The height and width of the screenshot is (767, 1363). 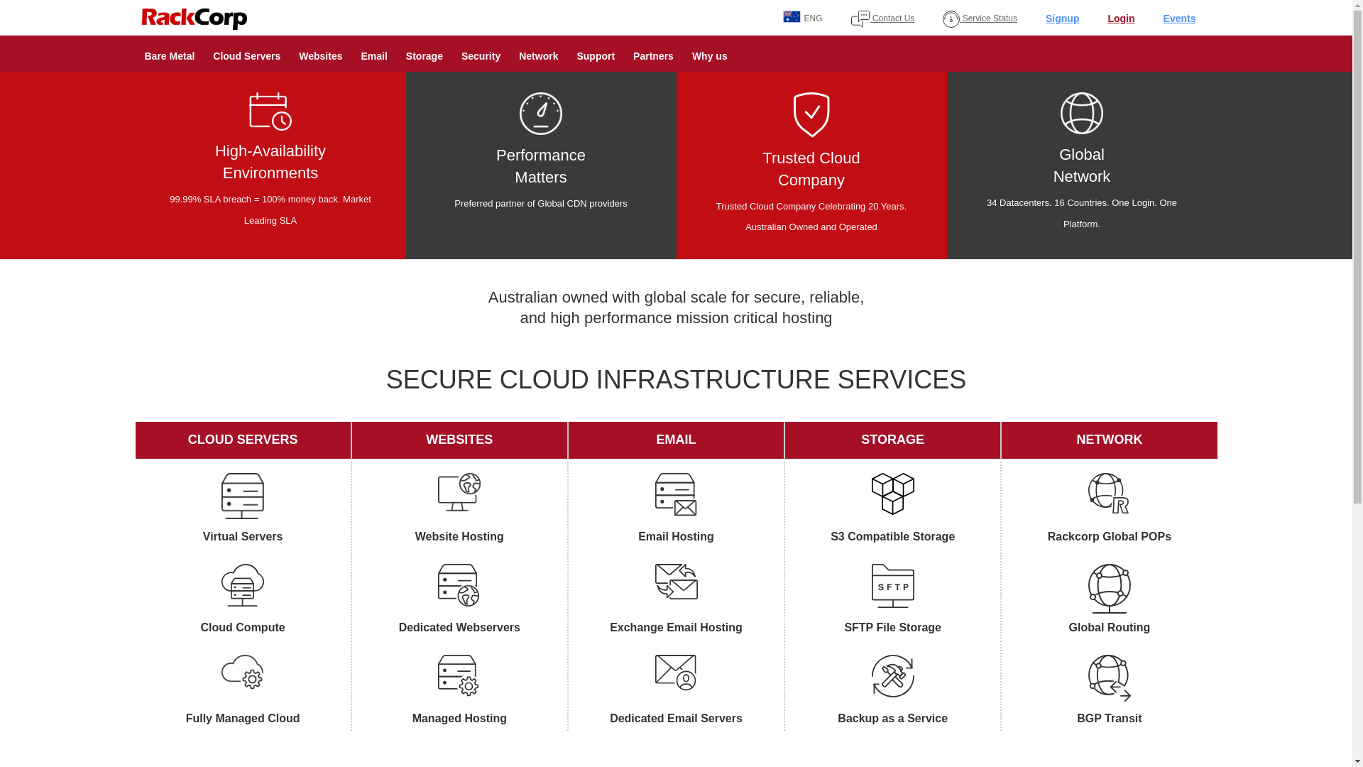 What do you see at coordinates (1163, 18) in the screenshot?
I see `'Events'` at bounding box center [1163, 18].